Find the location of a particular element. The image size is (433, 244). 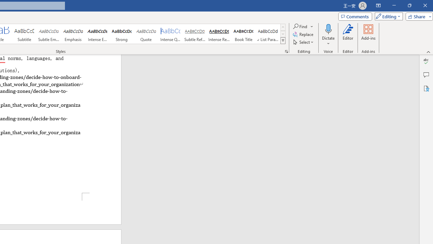

'Quote' is located at coordinates (146, 34).